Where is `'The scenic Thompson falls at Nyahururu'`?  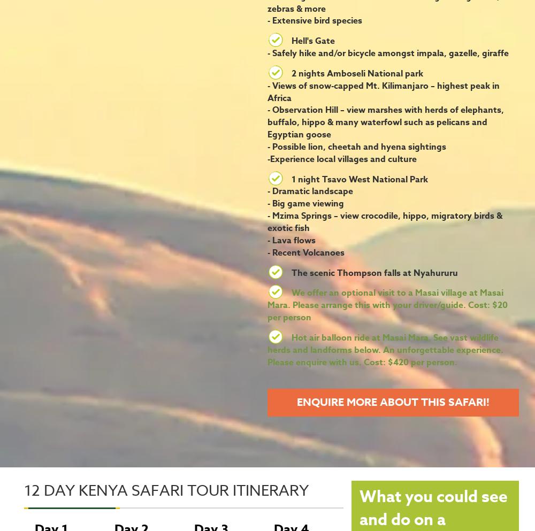
'The scenic Thompson falls at Nyahururu' is located at coordinates (374, 273).